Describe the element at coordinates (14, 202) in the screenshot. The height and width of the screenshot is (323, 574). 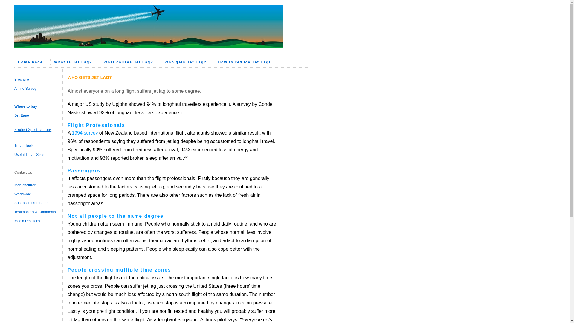
I see `'Australian Distributor'` at that location.